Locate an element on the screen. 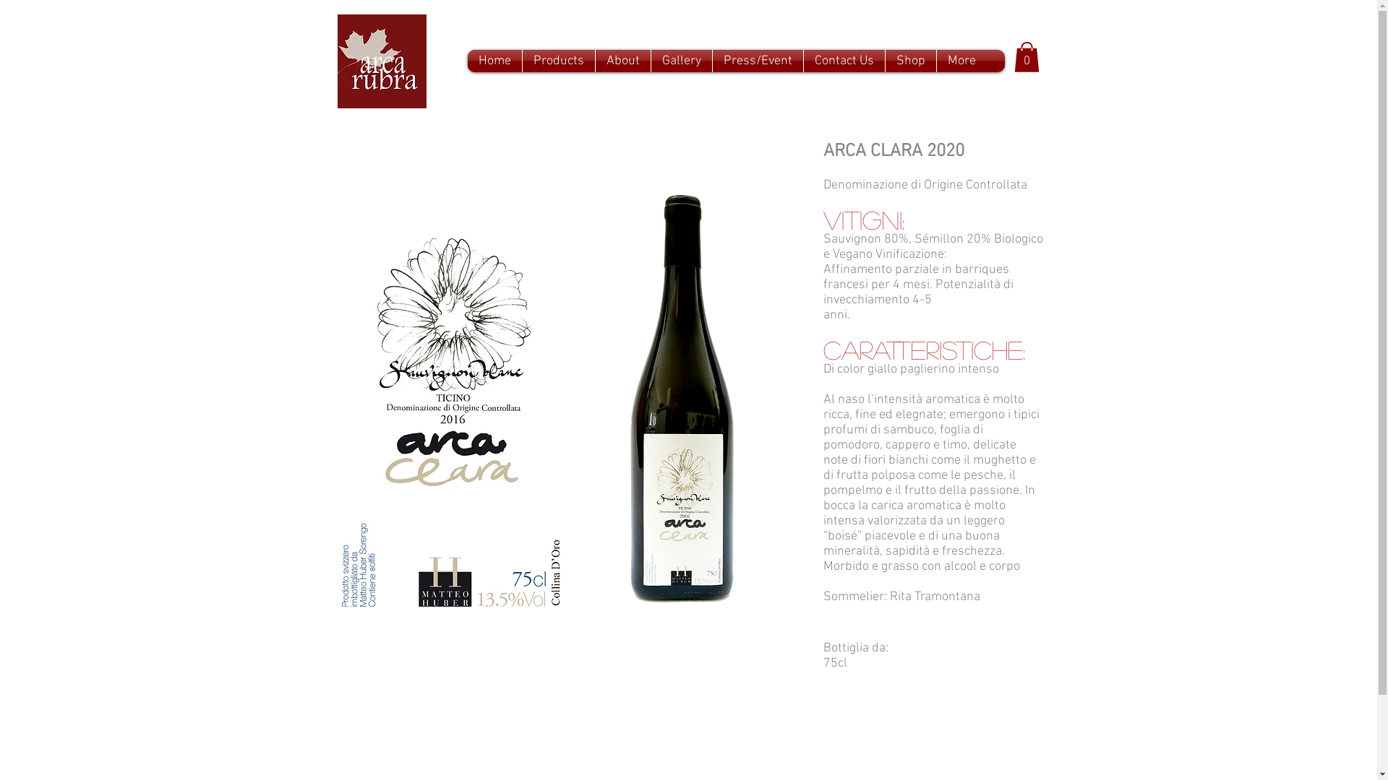 The width and height of the screenshot is (1388, 780). 'Home' is located at coordinates (494, 60).